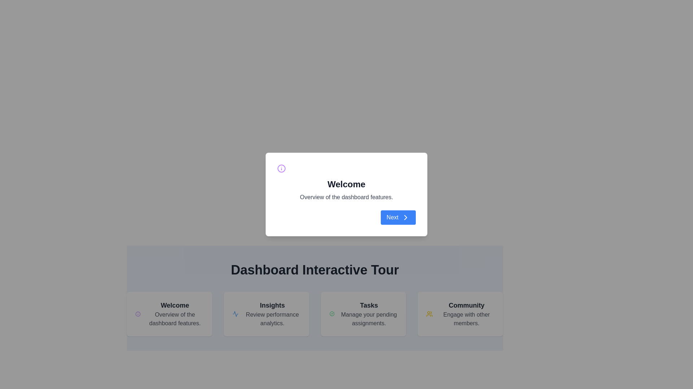 This screenshot has height=389, width=693. What do you see at coordinates (466, 313) in the screenshot?
I see `the 'Community' text block, which features a bold black heading and gray subtext, located at the rightmost section of a row of informational components` at bounding box center [466, 313].